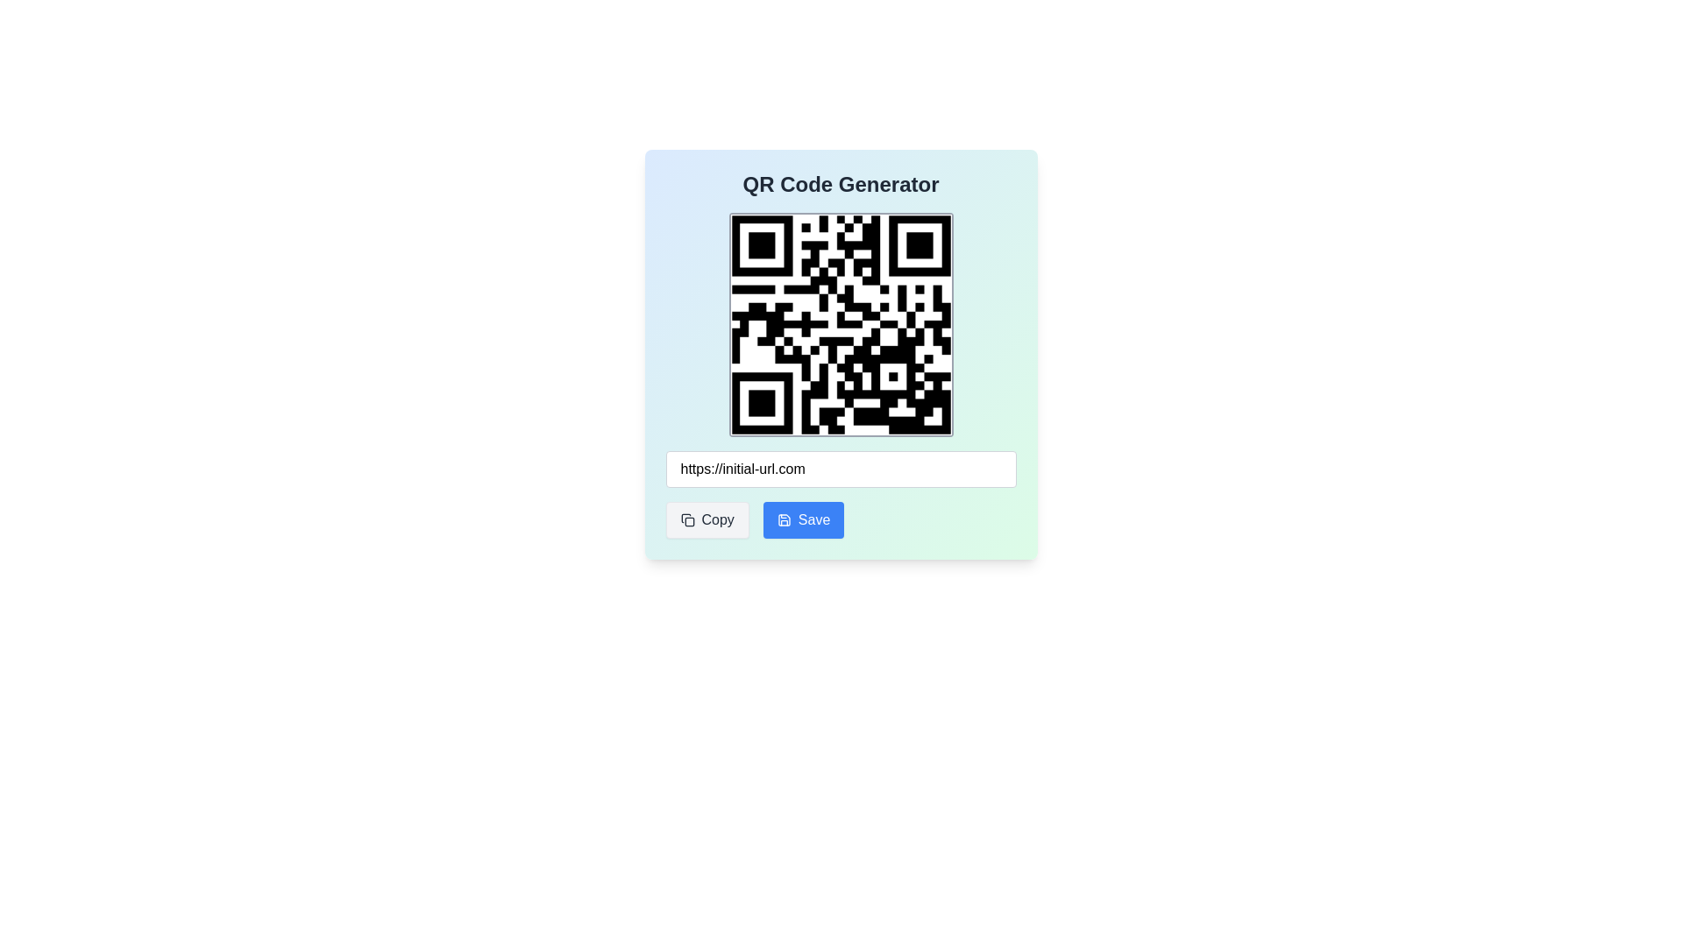 This screenshot has width=1683, height=946. Describe the element at coordinates (718, 519) in the screenshot. I see `the labeling text within the 'Copy' button component` at that location.